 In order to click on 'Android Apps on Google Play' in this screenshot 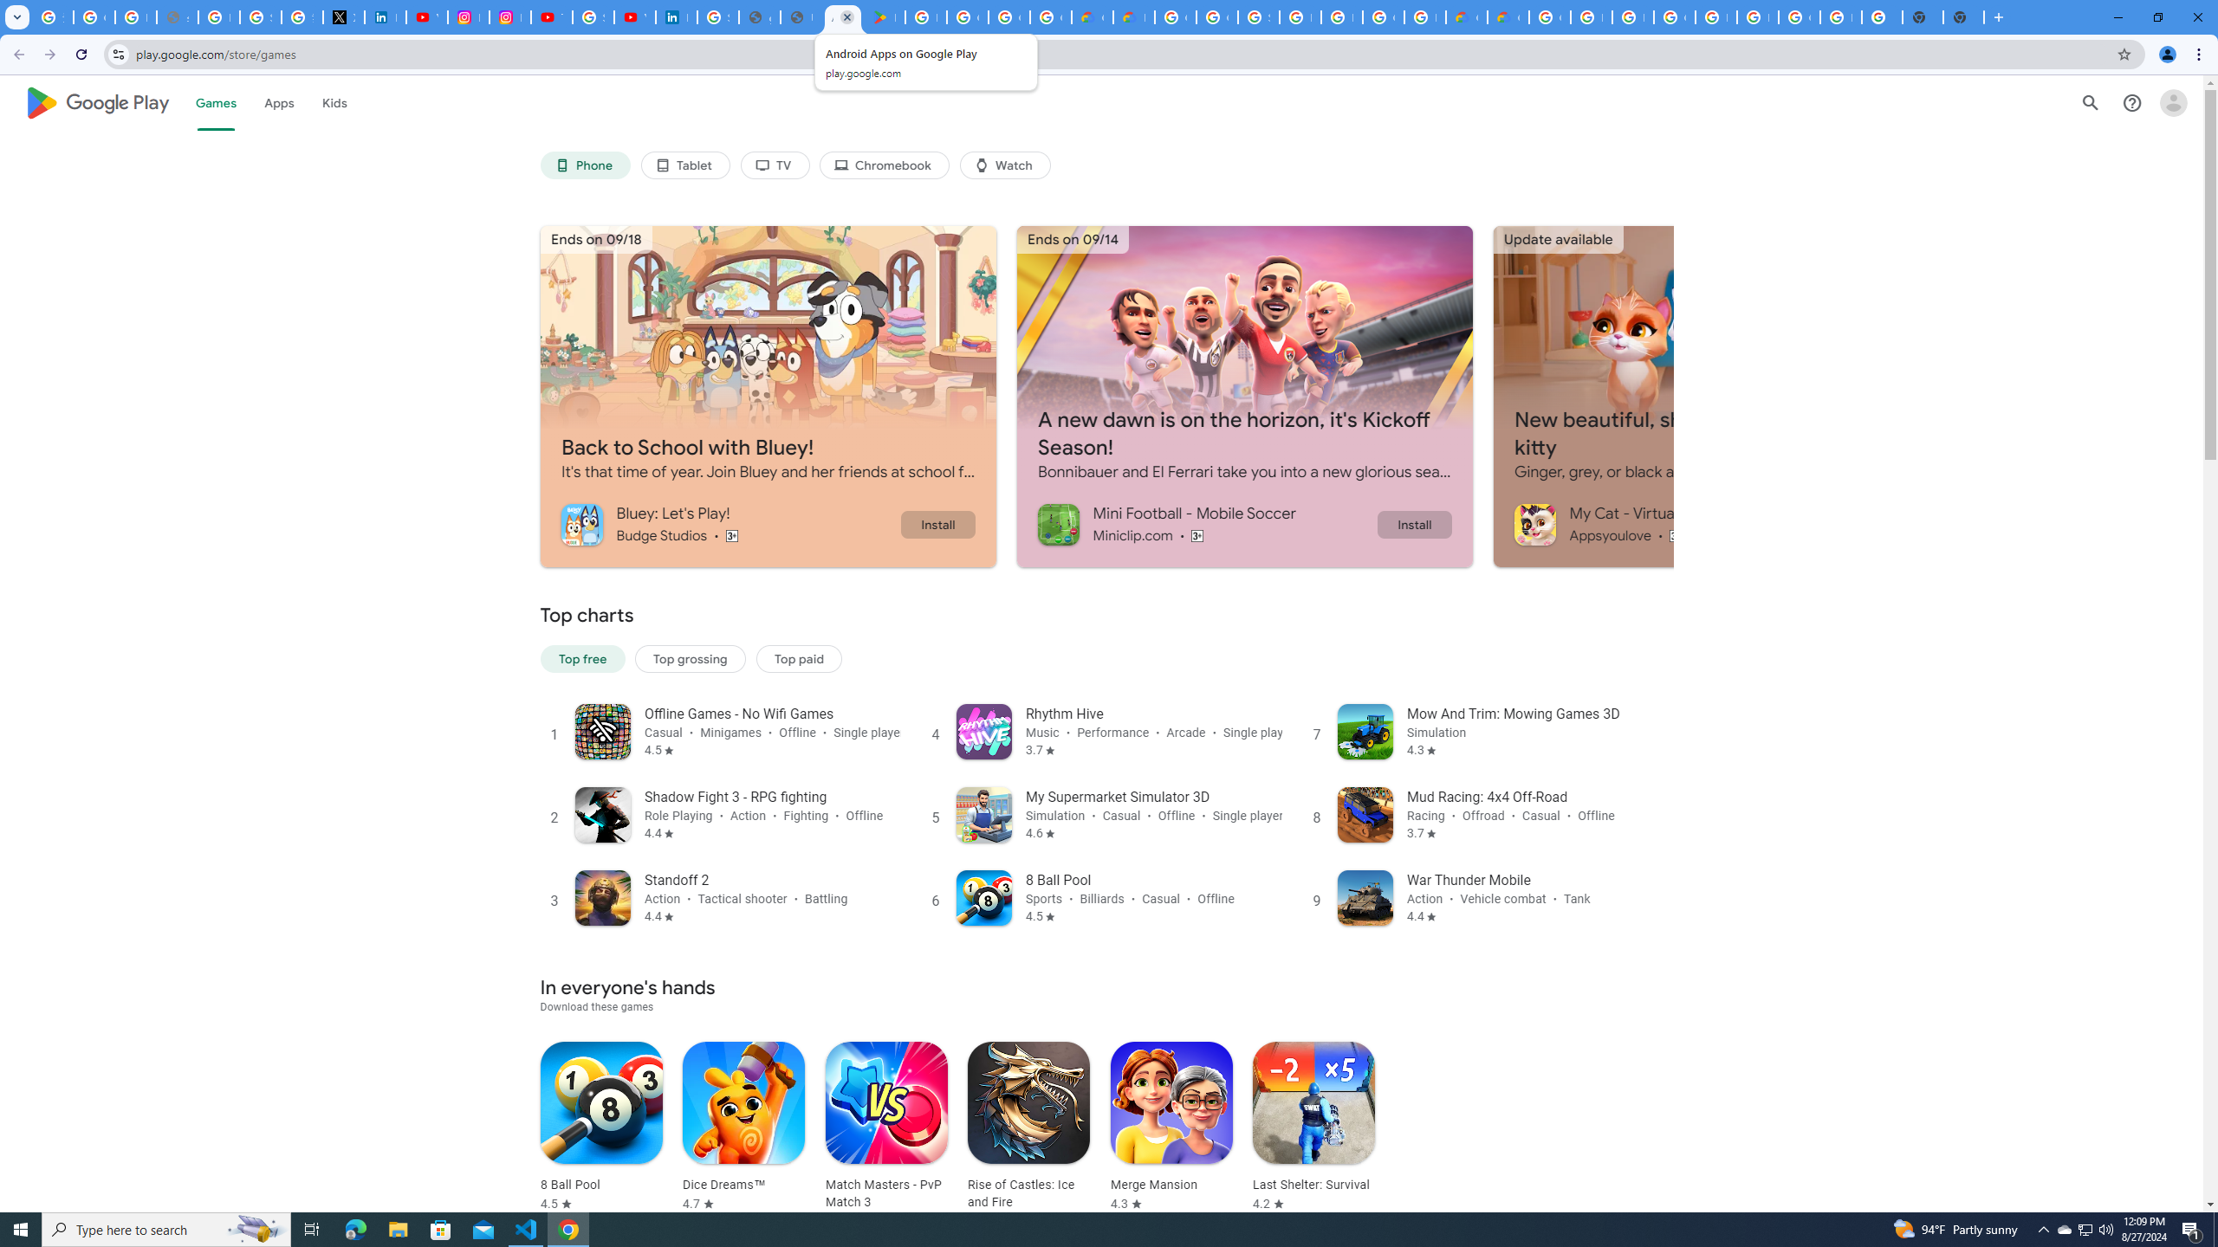, I will do `click(841, 16)`.